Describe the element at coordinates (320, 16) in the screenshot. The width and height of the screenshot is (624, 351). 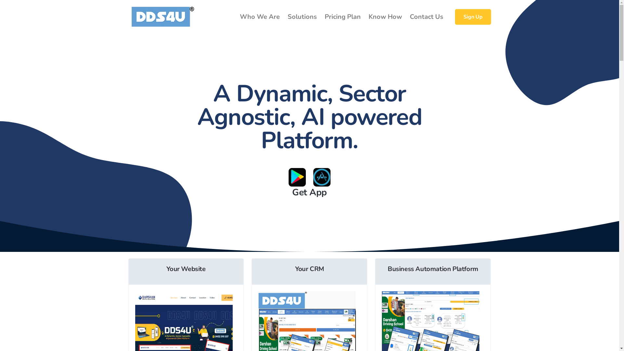
I see `'Pricing Plan'` at that location.